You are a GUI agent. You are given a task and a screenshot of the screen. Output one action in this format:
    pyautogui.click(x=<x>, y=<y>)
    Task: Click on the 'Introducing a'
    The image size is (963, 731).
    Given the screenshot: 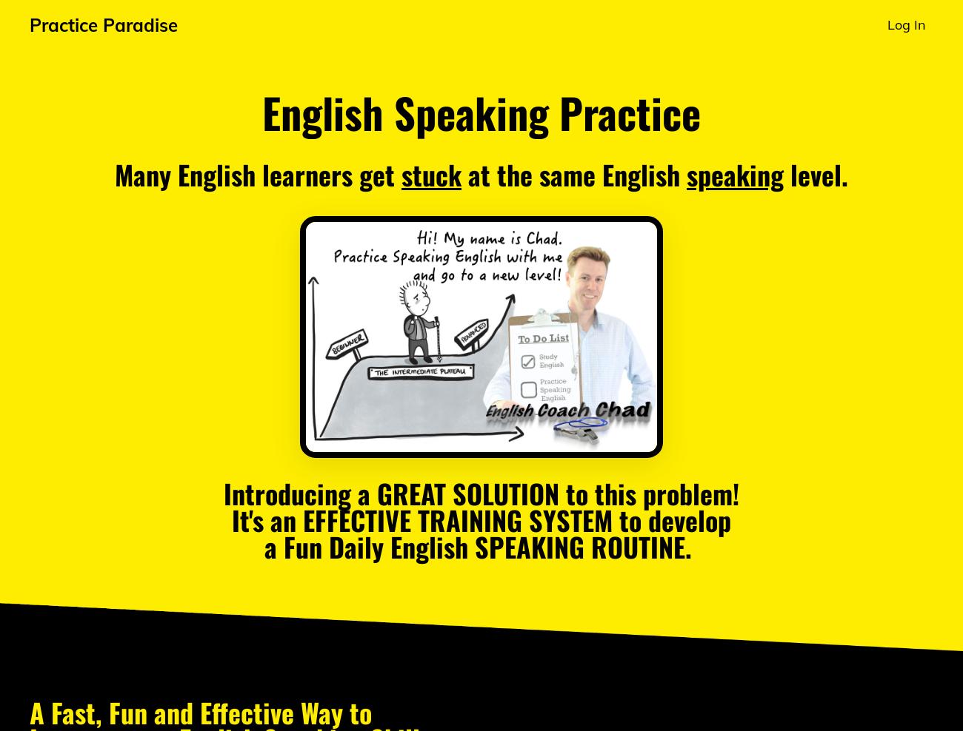 What is the action you would take?
    pyautogui.click(x=300, y=492)
    